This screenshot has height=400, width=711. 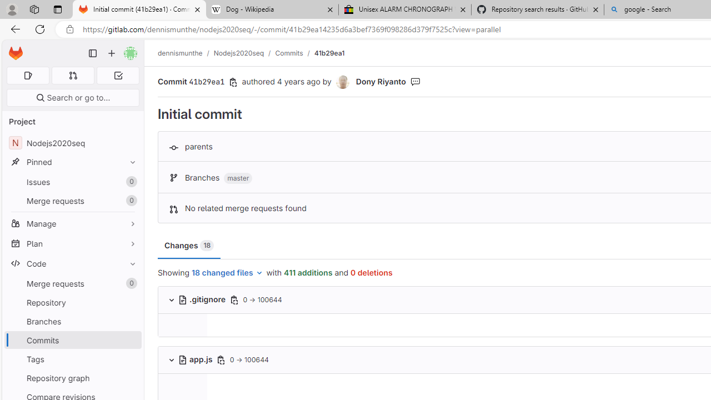 I want to click on 'Pin Repository graph', so click(x=130, y=377).